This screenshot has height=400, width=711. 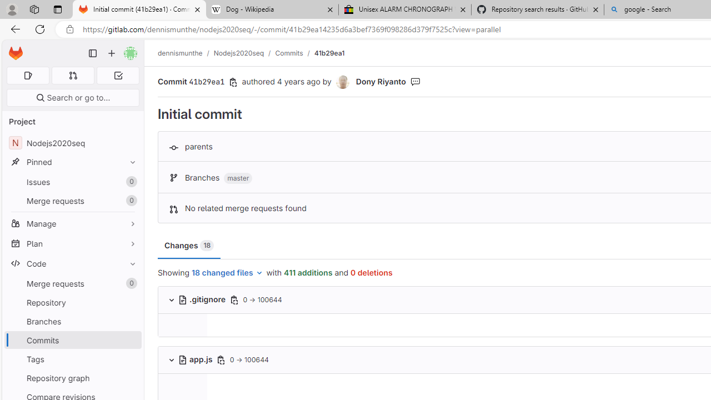 I want to click on 'Pin Repository graph', so click(x=130, y=377).